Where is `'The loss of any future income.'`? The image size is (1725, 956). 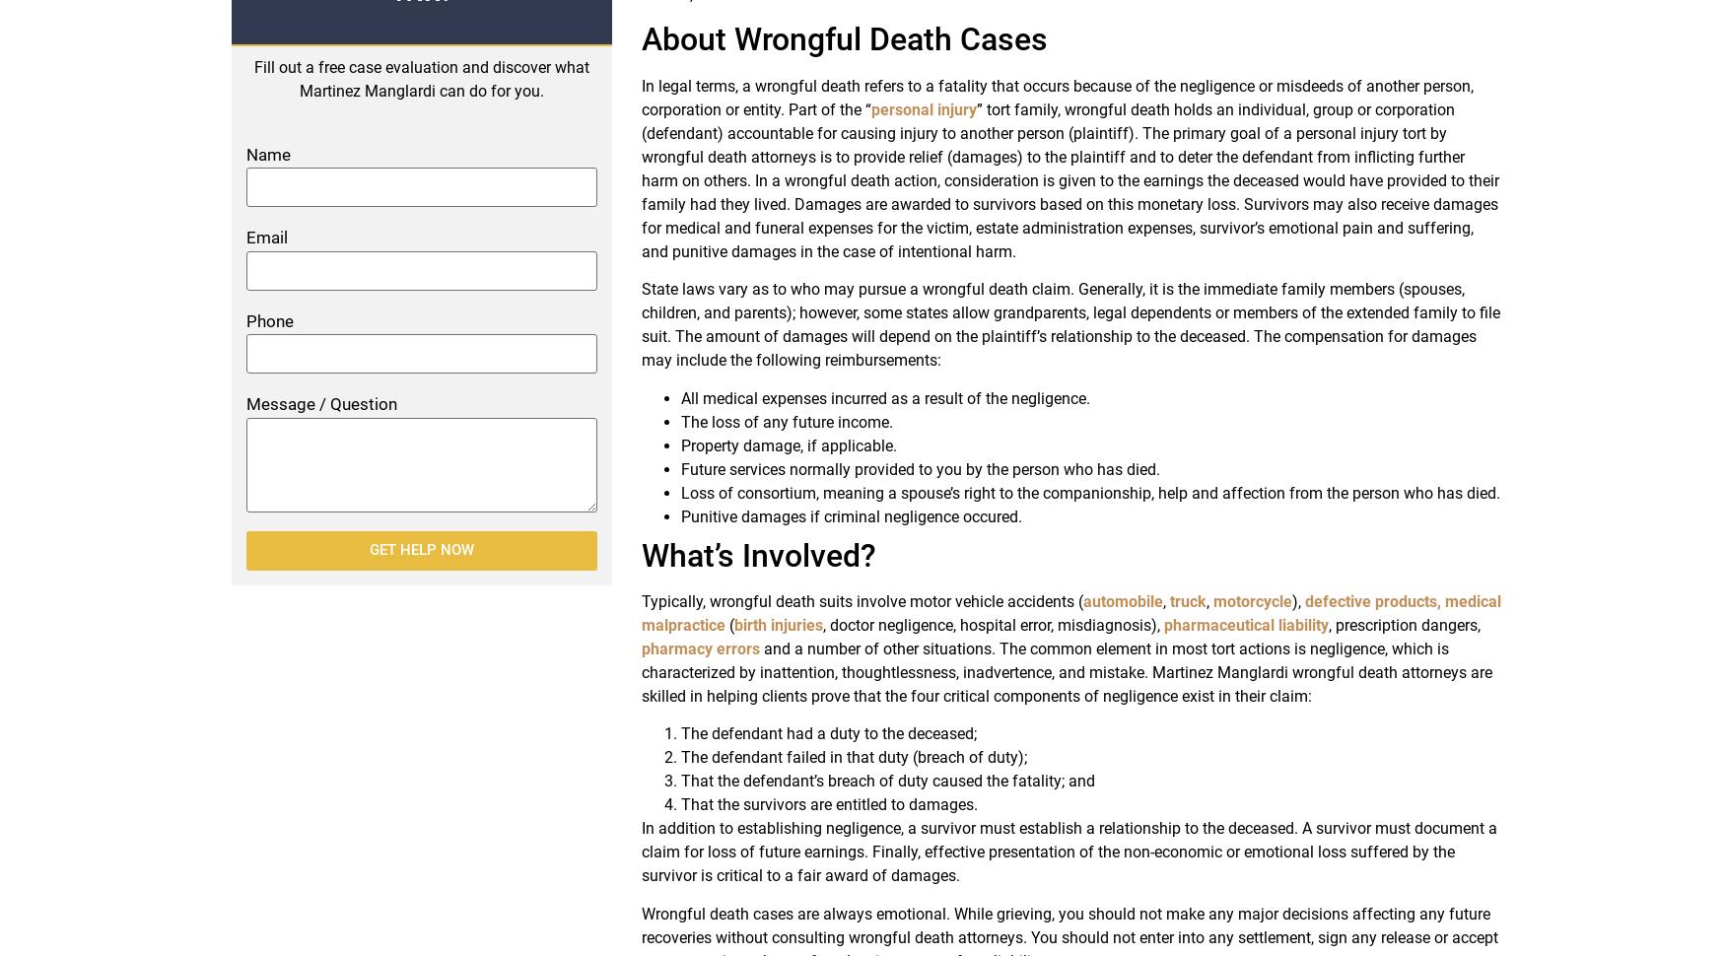
'The loss of any future income.' is located at coordinates (680, 421).